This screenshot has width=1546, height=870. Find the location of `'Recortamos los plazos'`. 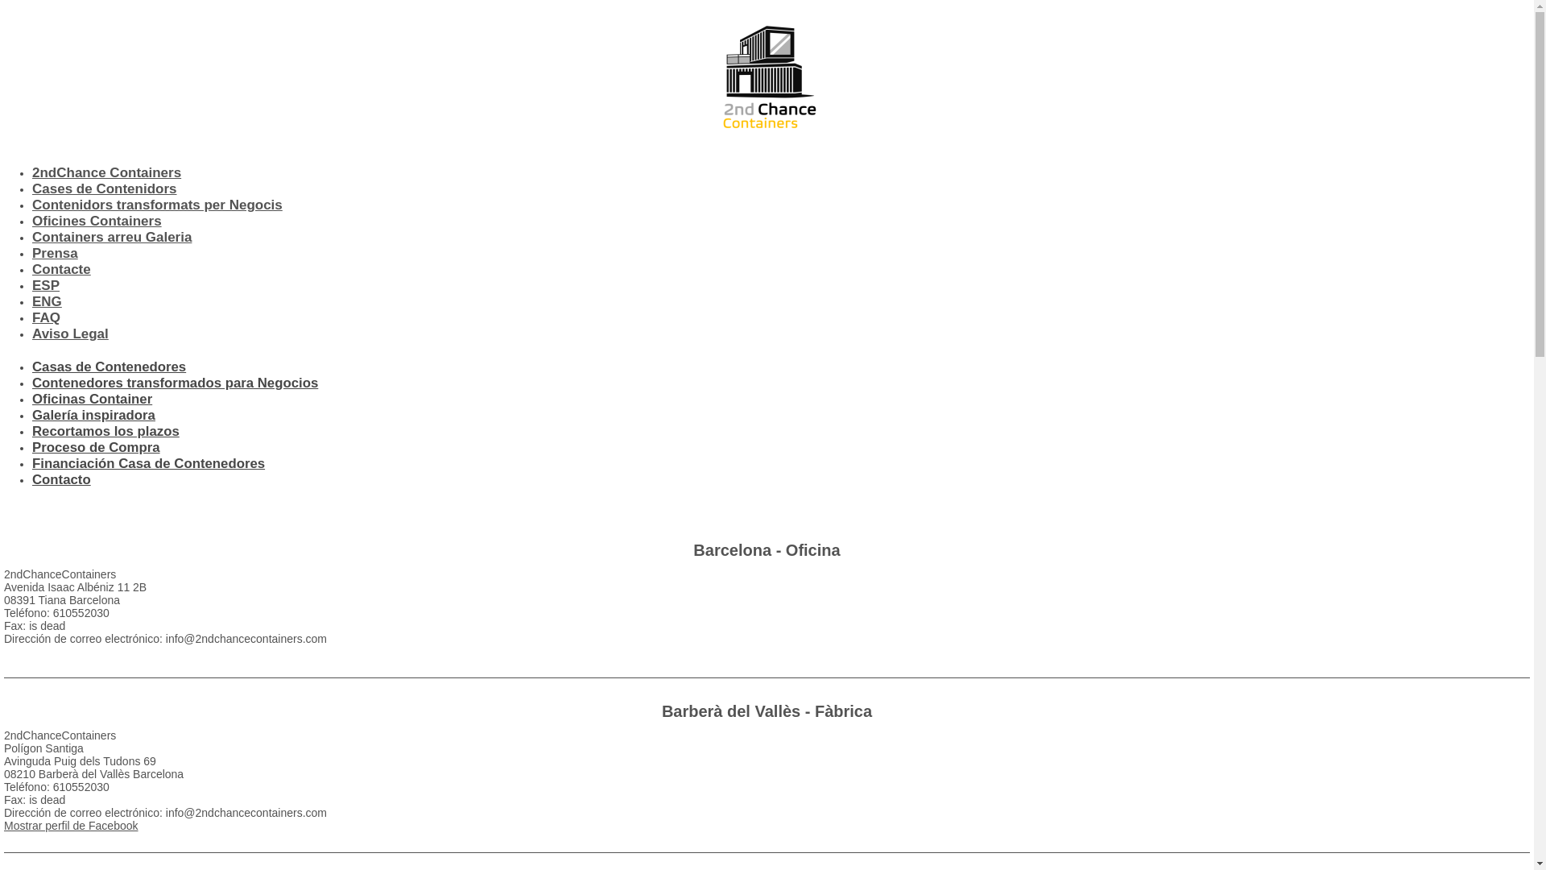

'Recortamos los plazos' is located at coordinates (31, 430).